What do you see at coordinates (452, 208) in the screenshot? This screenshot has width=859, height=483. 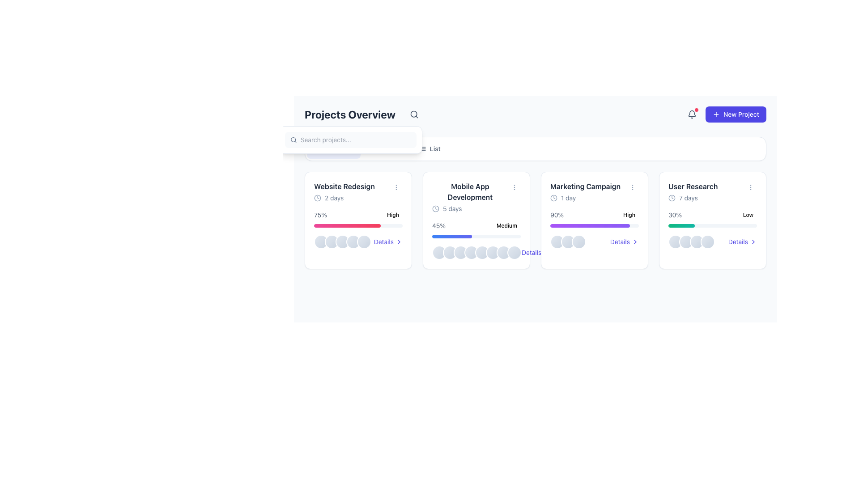 I see `the text label displaying the duration or timeline information for the 'Mobile App Development' task, which is the second item in the horizontal arrangement of components within the card` at bounding box center [452, 208].